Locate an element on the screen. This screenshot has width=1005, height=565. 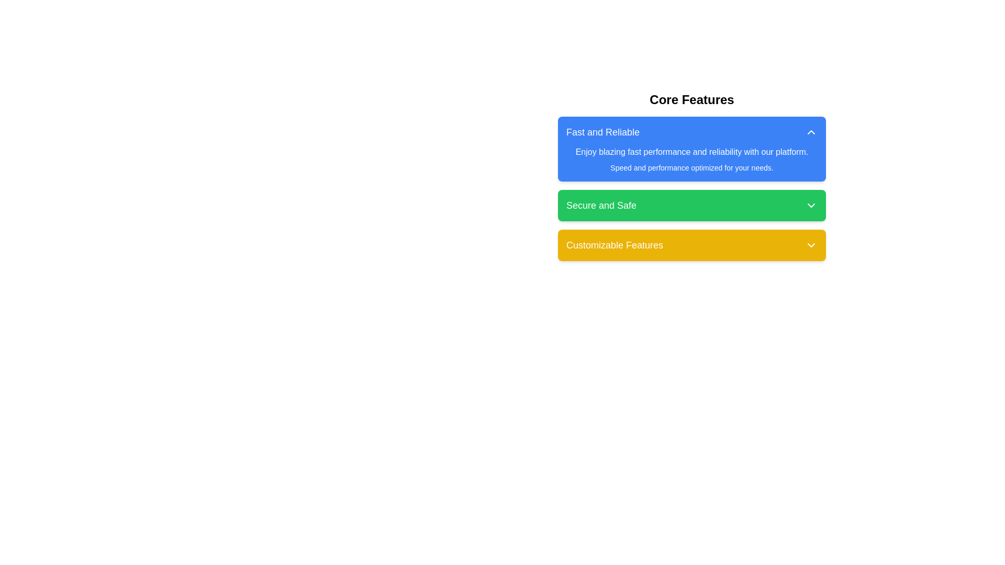
the static text label that serves as the title for the collapsible section under 'Core Features', located in the top-left corner of the bar component is located at coordinates (603, 132).